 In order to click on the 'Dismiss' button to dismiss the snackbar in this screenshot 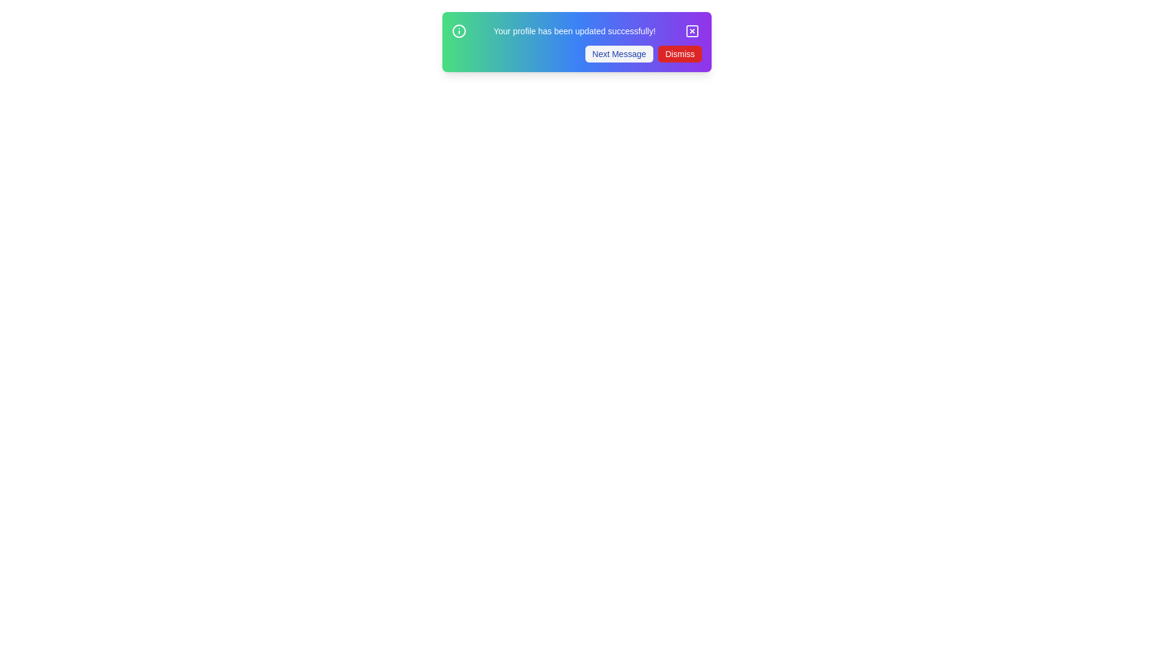, I will do `click(680, 53)`.